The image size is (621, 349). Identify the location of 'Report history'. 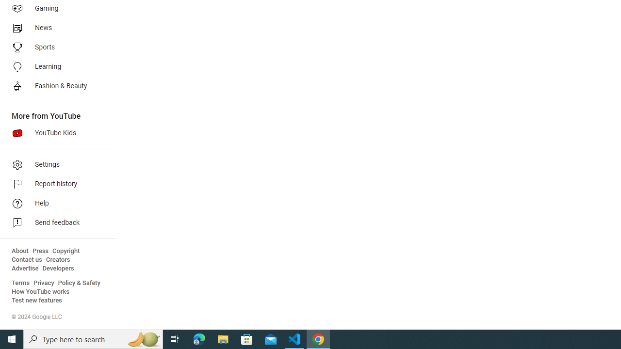
(54, 184).